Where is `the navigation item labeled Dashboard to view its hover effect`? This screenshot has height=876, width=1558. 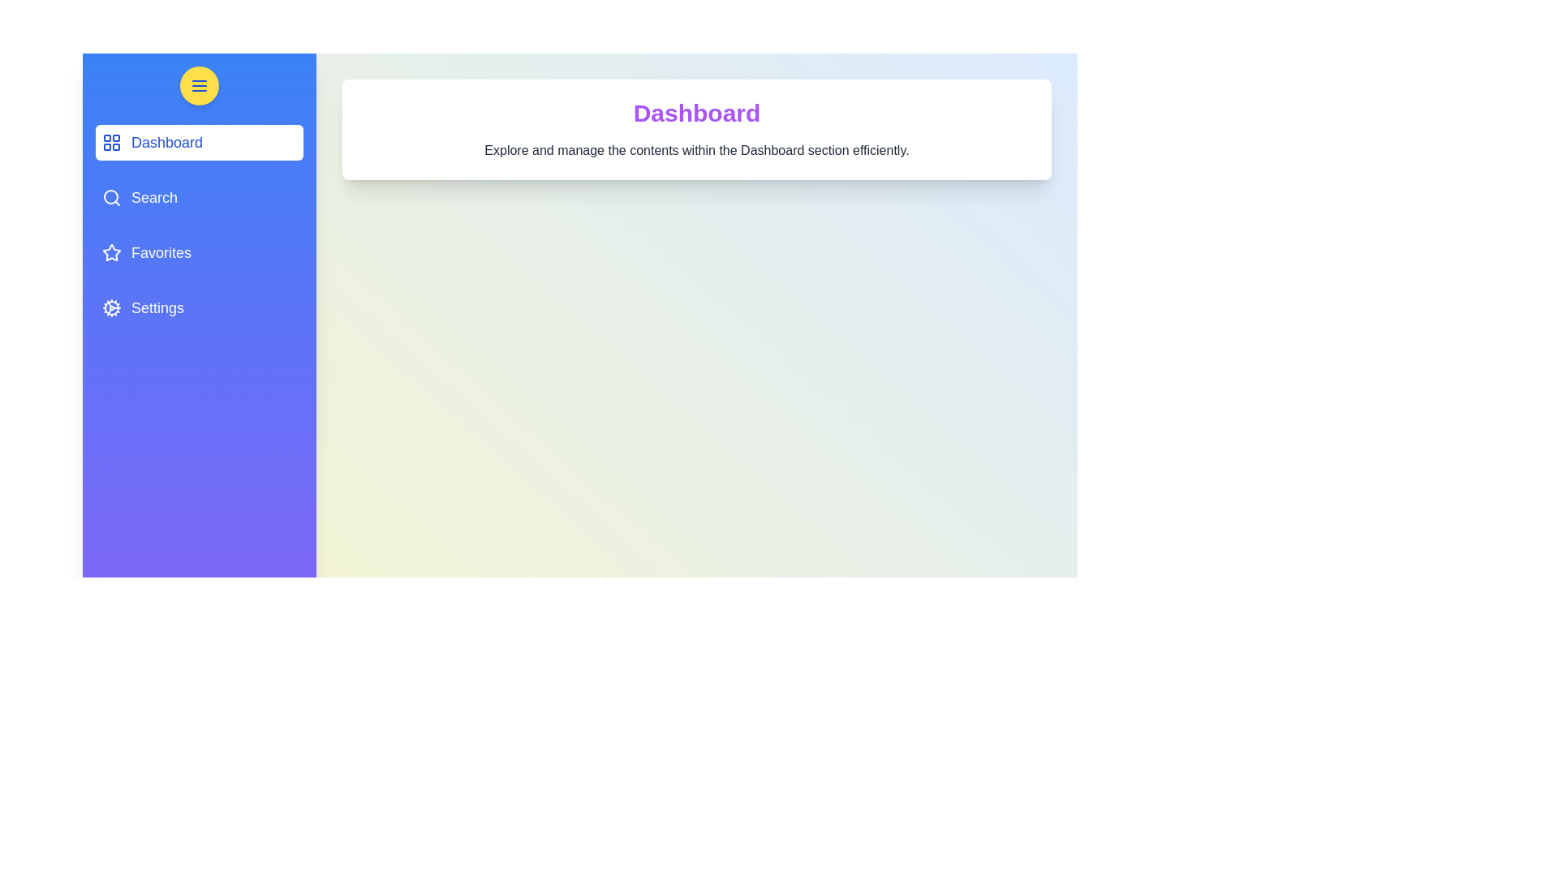
the navigation item labeled Dashboard to view its hover effect is located at coordinates (198, 142).